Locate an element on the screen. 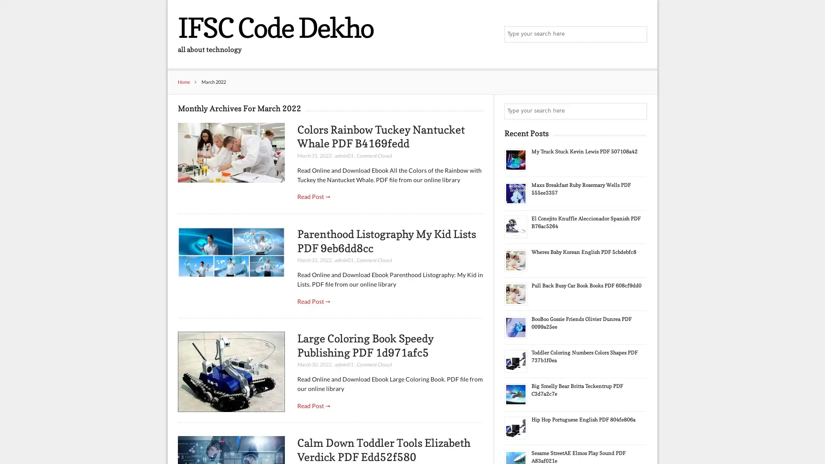 This screenshot has width=825, height=464. Search is located at coordinates (638, 111).